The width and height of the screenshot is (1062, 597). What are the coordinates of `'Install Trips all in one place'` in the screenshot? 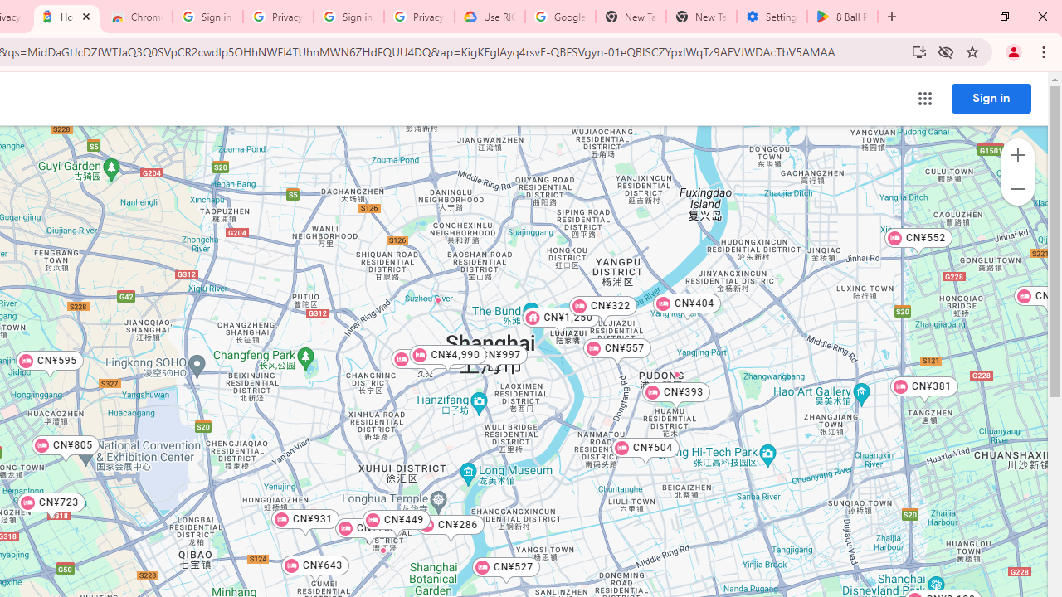 It's located at (918, 51).